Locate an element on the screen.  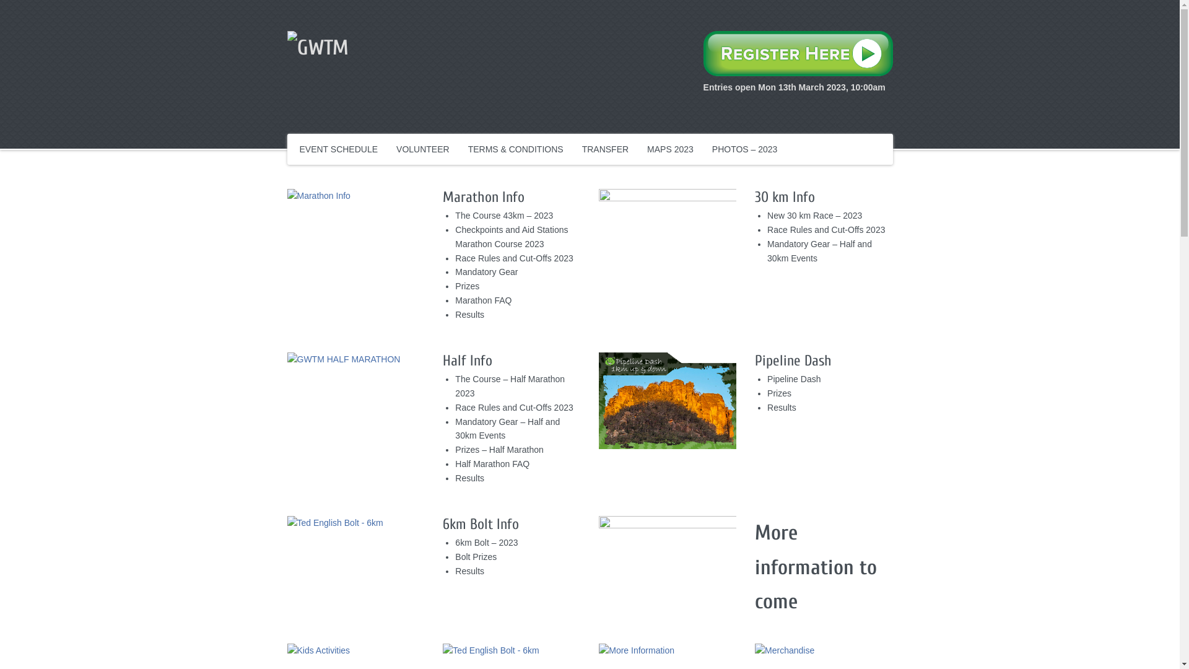
'Marathon FAQ' is located at coordinates (454, 300).